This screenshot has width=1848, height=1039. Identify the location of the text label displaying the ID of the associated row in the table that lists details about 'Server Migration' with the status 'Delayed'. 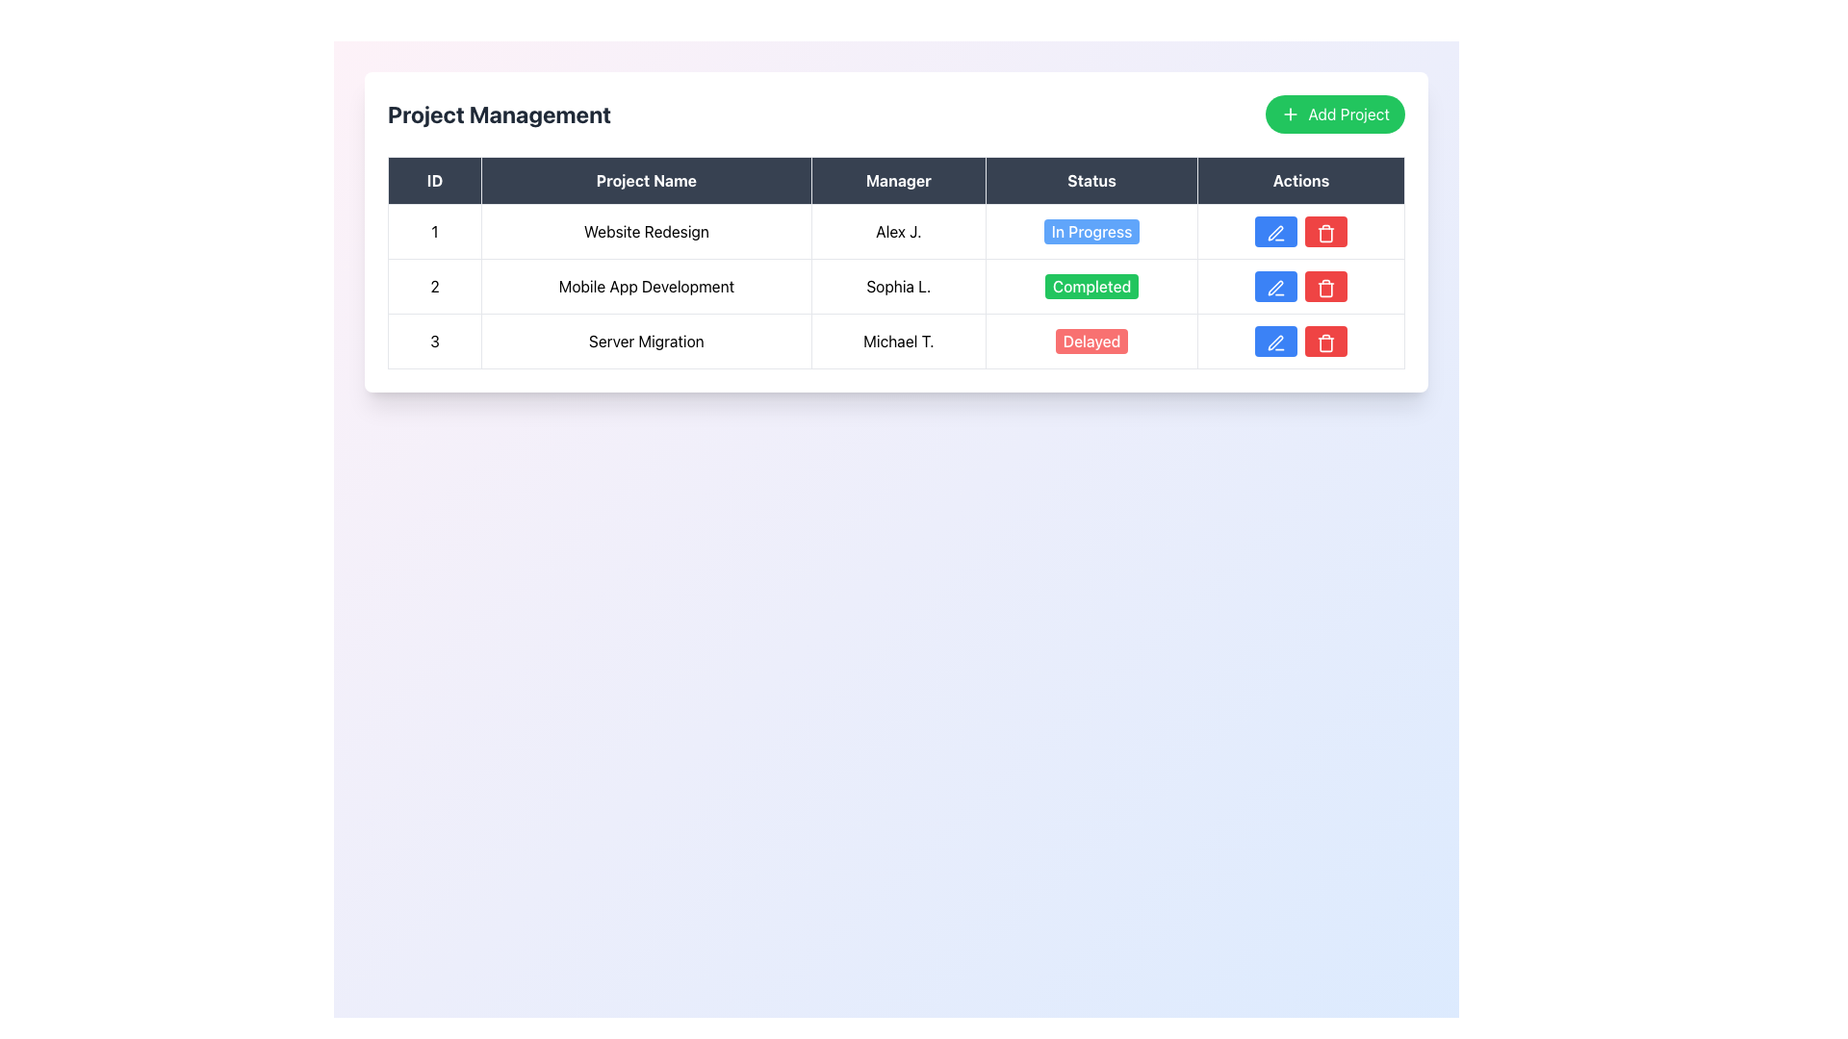
(433, 340).